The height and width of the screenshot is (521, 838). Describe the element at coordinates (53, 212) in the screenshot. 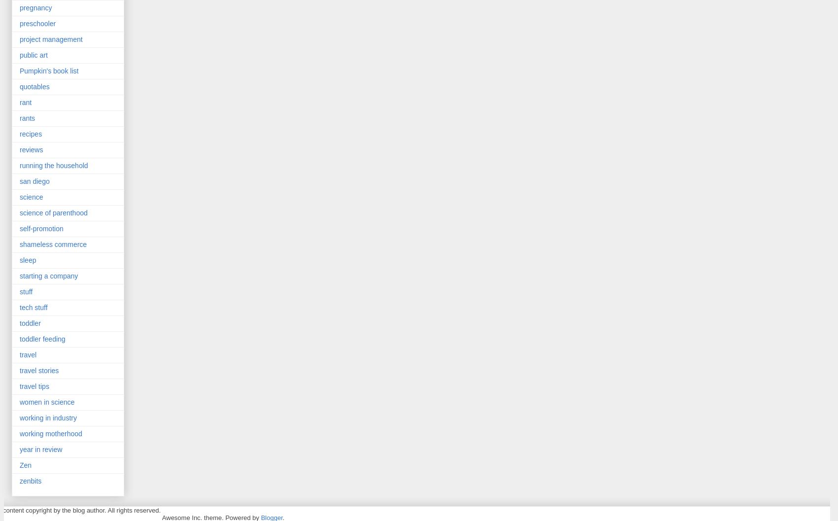

I see `'science of parenthood'` at that location.